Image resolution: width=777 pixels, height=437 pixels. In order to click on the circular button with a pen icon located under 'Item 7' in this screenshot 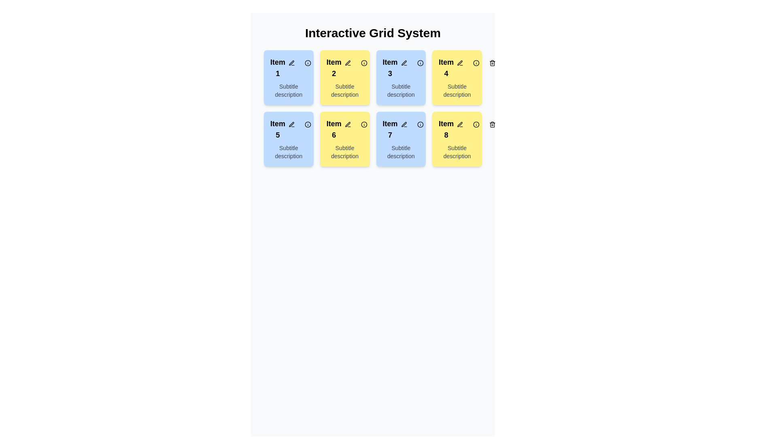, I will do `click(404, 125)`.